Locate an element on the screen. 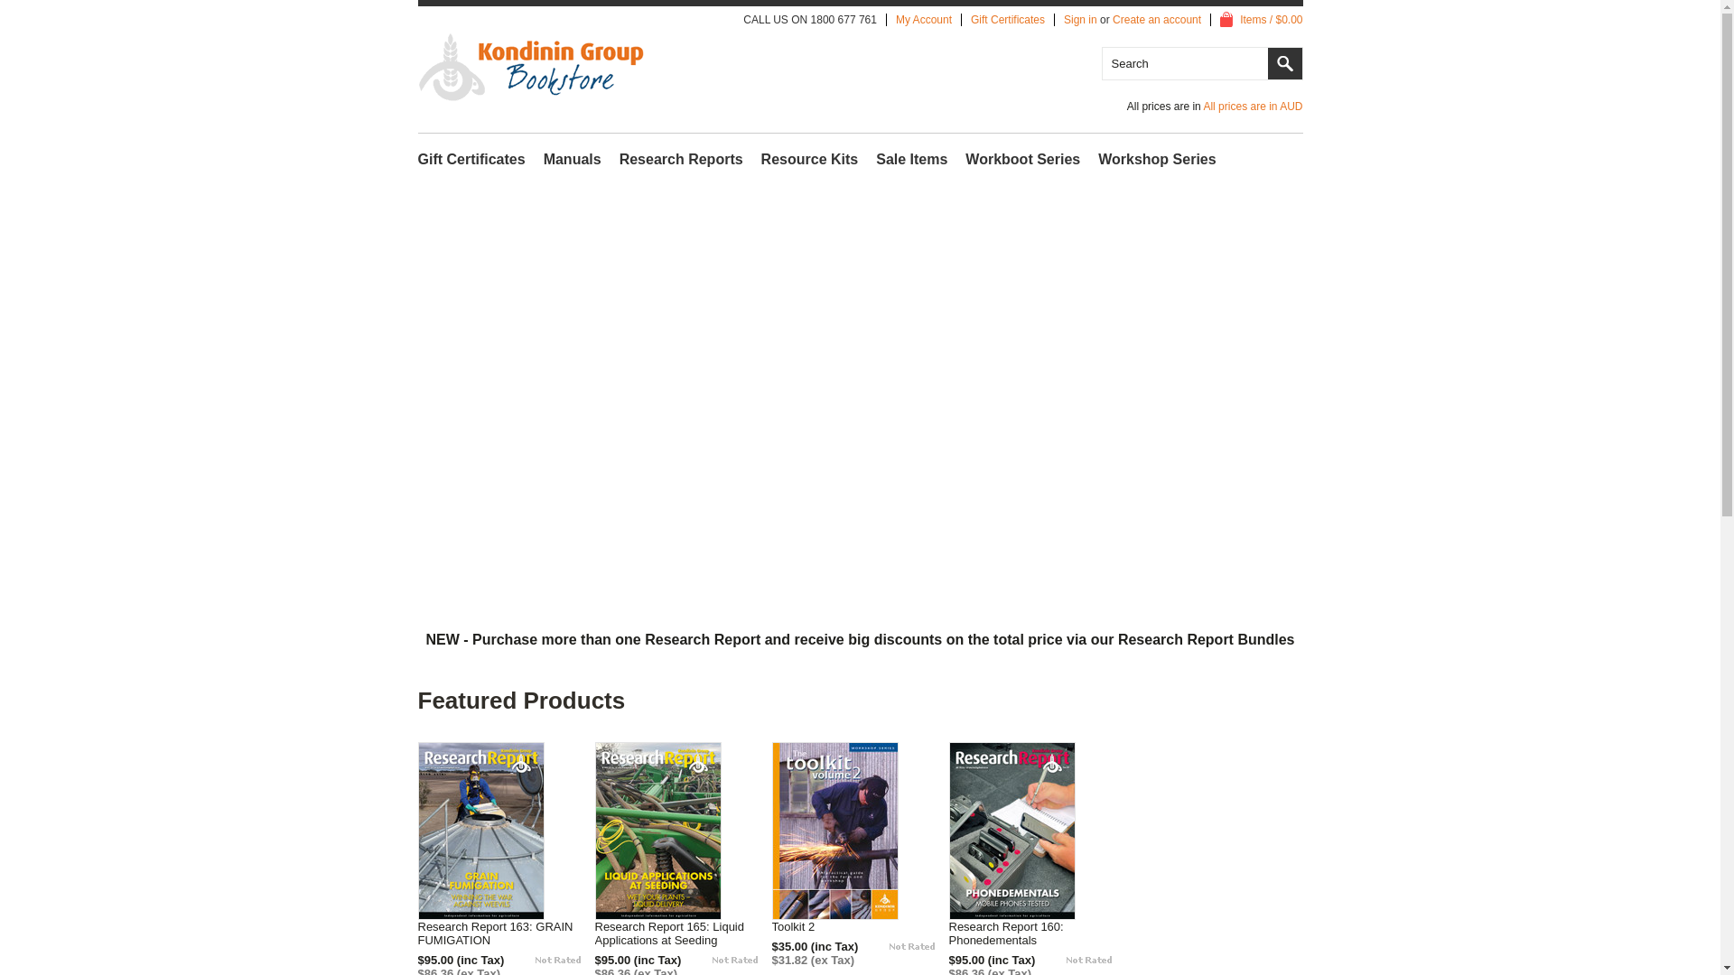 Image resolution: width=1734 pixels, height=975 pixels. 'Create an account' is located at coordinates (1157, 20).